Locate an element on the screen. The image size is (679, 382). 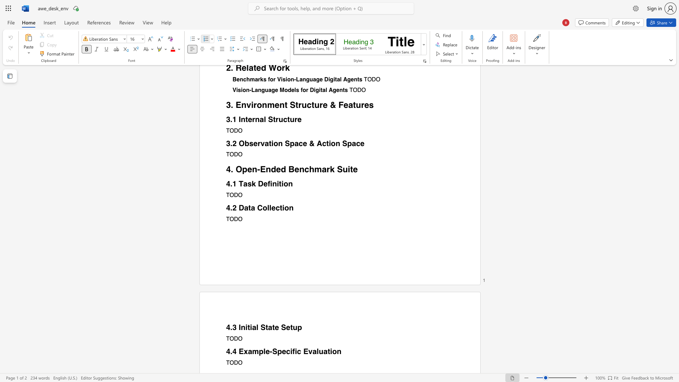
the 1th character "c" in the text is located at coordinates (288, 352).